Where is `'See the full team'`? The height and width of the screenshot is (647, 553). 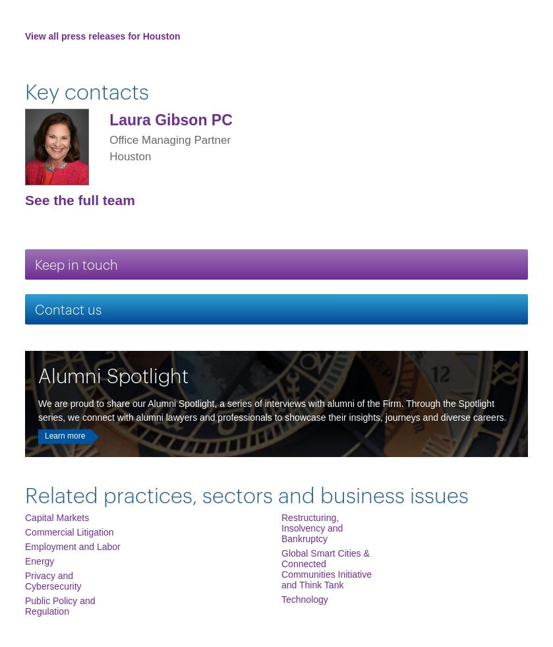
'See the full team' is located at coordinates (79, 199).